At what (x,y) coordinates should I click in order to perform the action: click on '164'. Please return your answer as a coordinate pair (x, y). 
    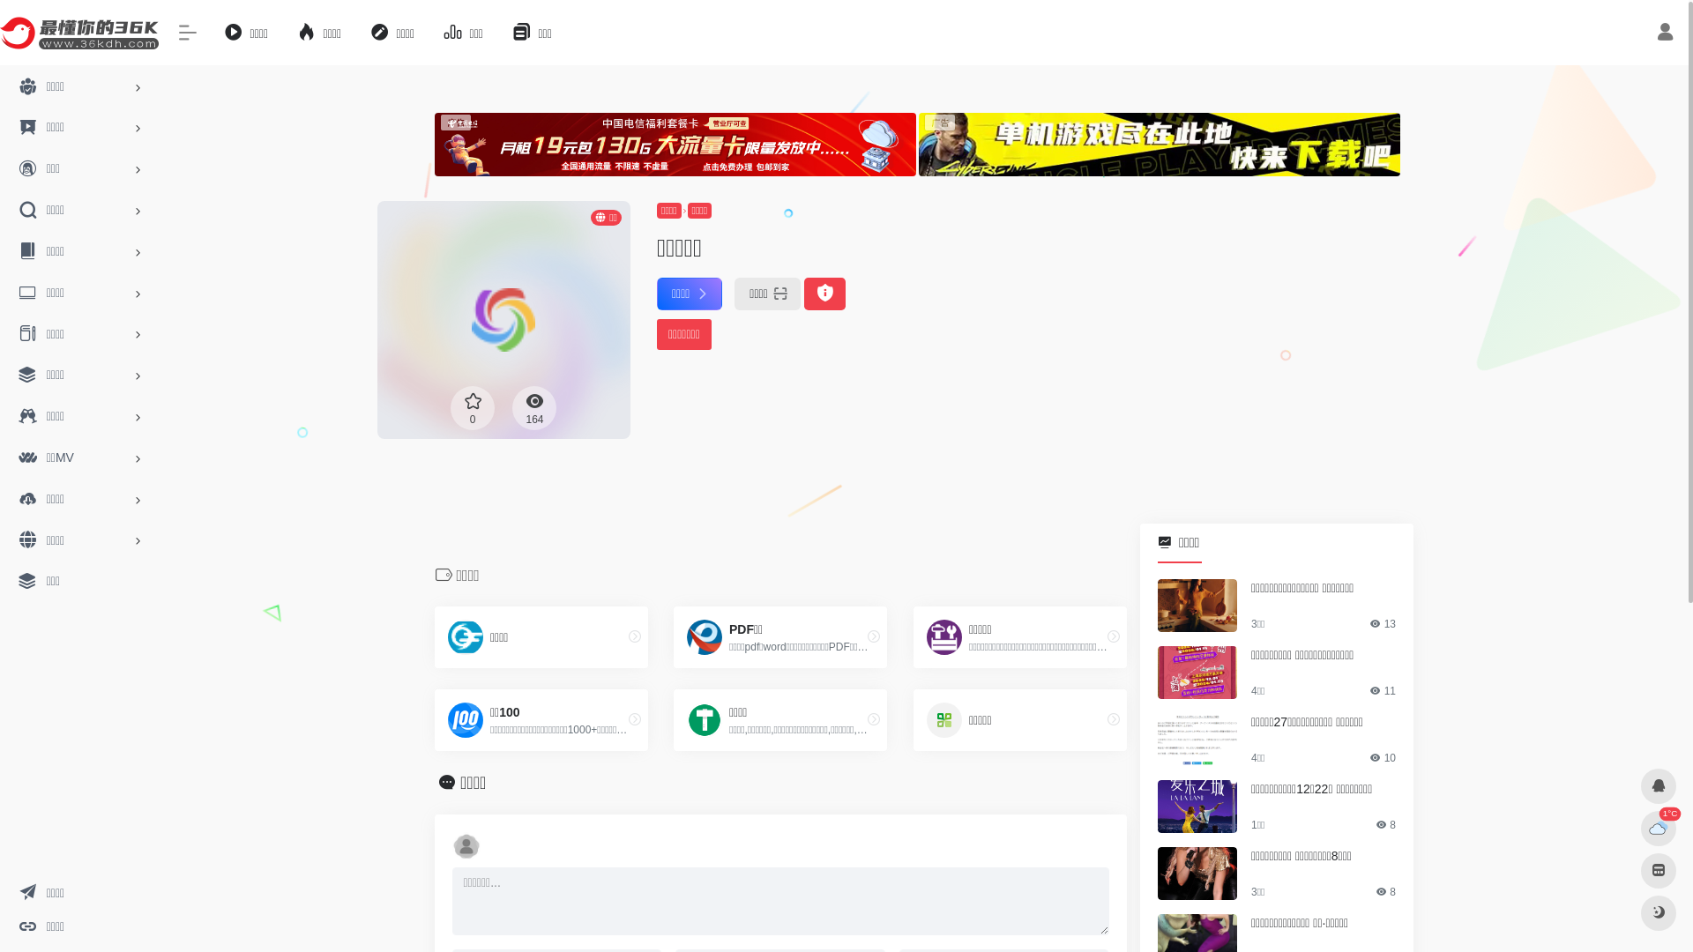
    Looking at the image, I should click on (511, 407).